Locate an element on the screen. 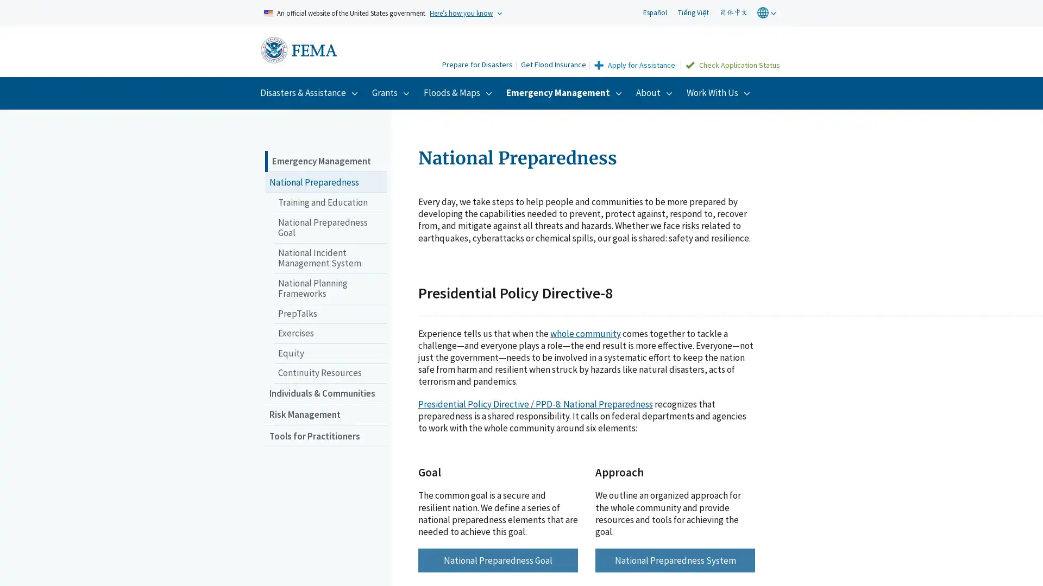  Emergency Management is located at coordinates (565, 92).